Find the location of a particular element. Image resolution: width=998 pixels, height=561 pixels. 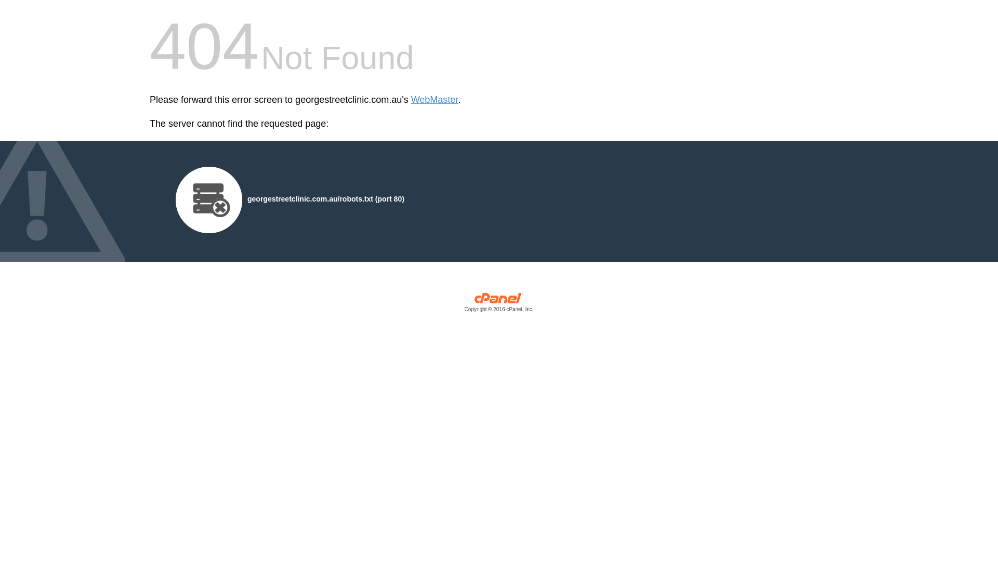

'WebMaster' is located at coordinates (435, 100).